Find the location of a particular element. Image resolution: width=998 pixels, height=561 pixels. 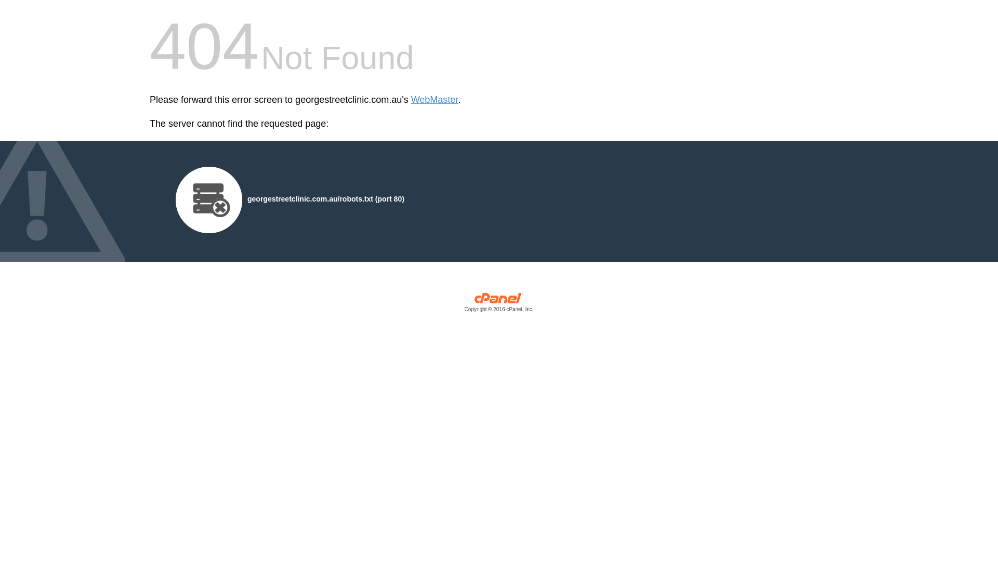

'WebMaster' is located at coordinates (435, 100).